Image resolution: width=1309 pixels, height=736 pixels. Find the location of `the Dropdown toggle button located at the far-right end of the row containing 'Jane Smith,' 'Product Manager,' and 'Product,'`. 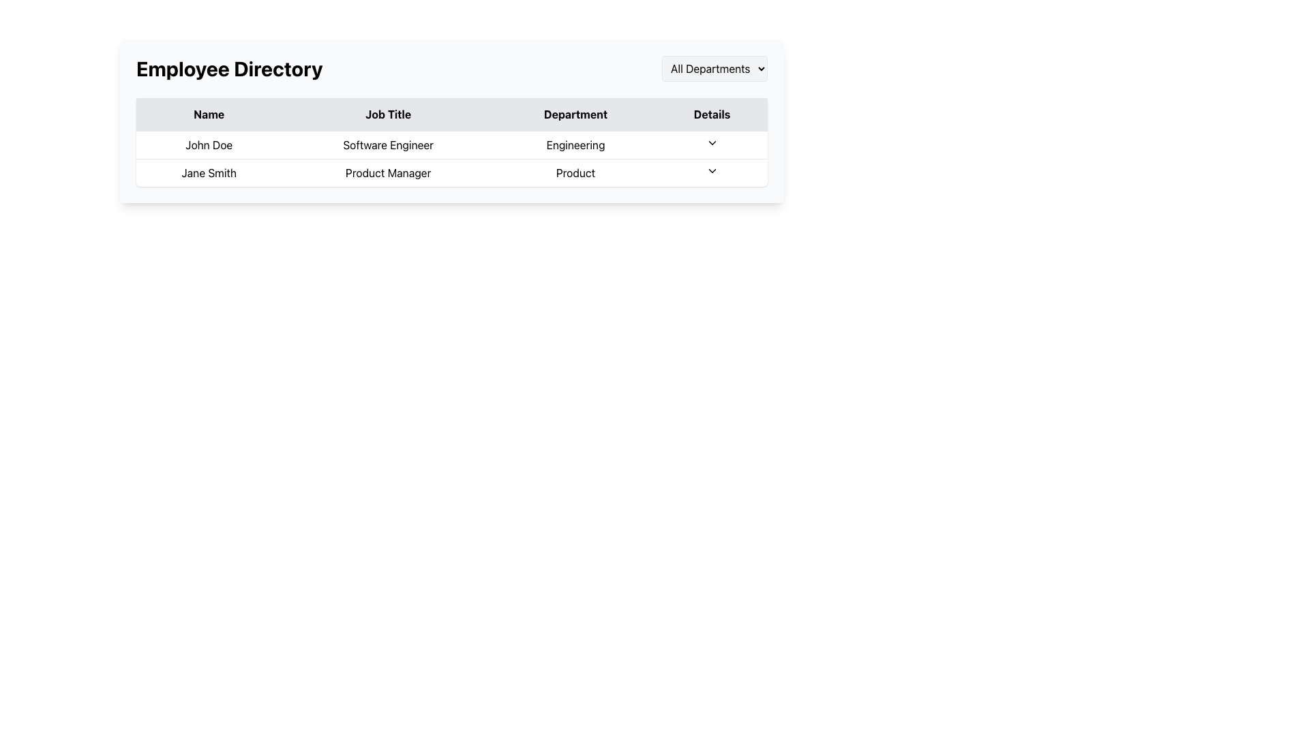

the Dropdown toggle button located at the far-right end of the row containing 'Jane Smith,' 'Product Manager,' and 'Product,' is located at coordinates (711, 172).